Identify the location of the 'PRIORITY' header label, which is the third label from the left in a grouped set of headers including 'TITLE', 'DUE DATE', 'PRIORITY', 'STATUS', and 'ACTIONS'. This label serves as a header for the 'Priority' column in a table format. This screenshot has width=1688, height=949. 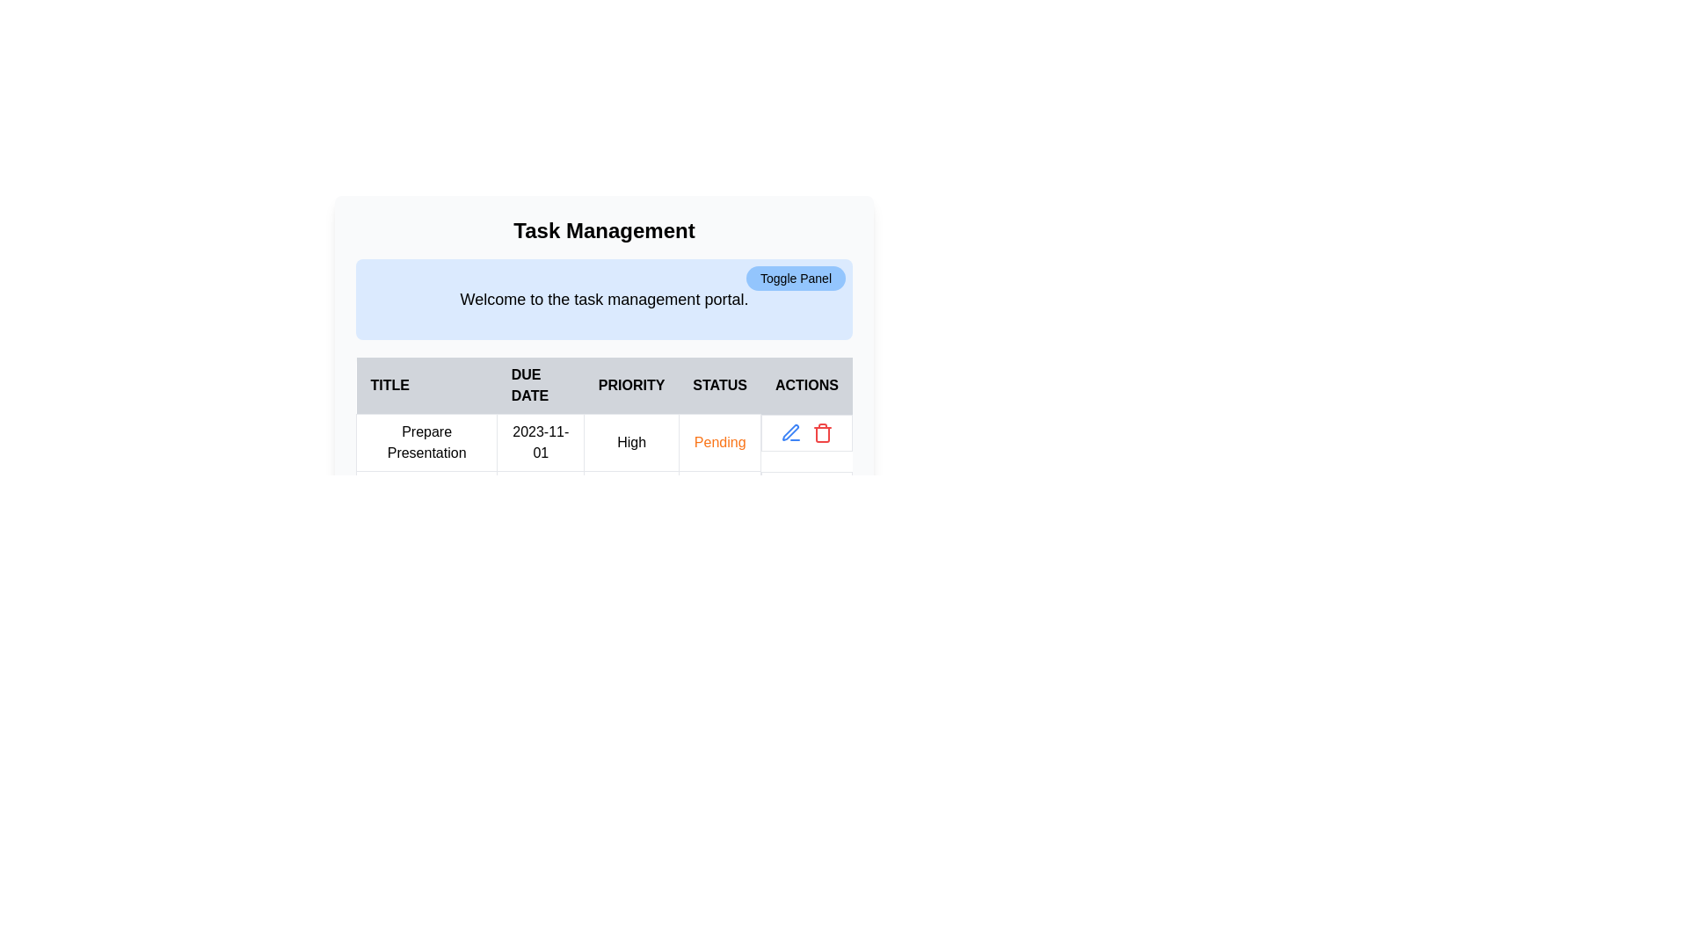
(631, 385).